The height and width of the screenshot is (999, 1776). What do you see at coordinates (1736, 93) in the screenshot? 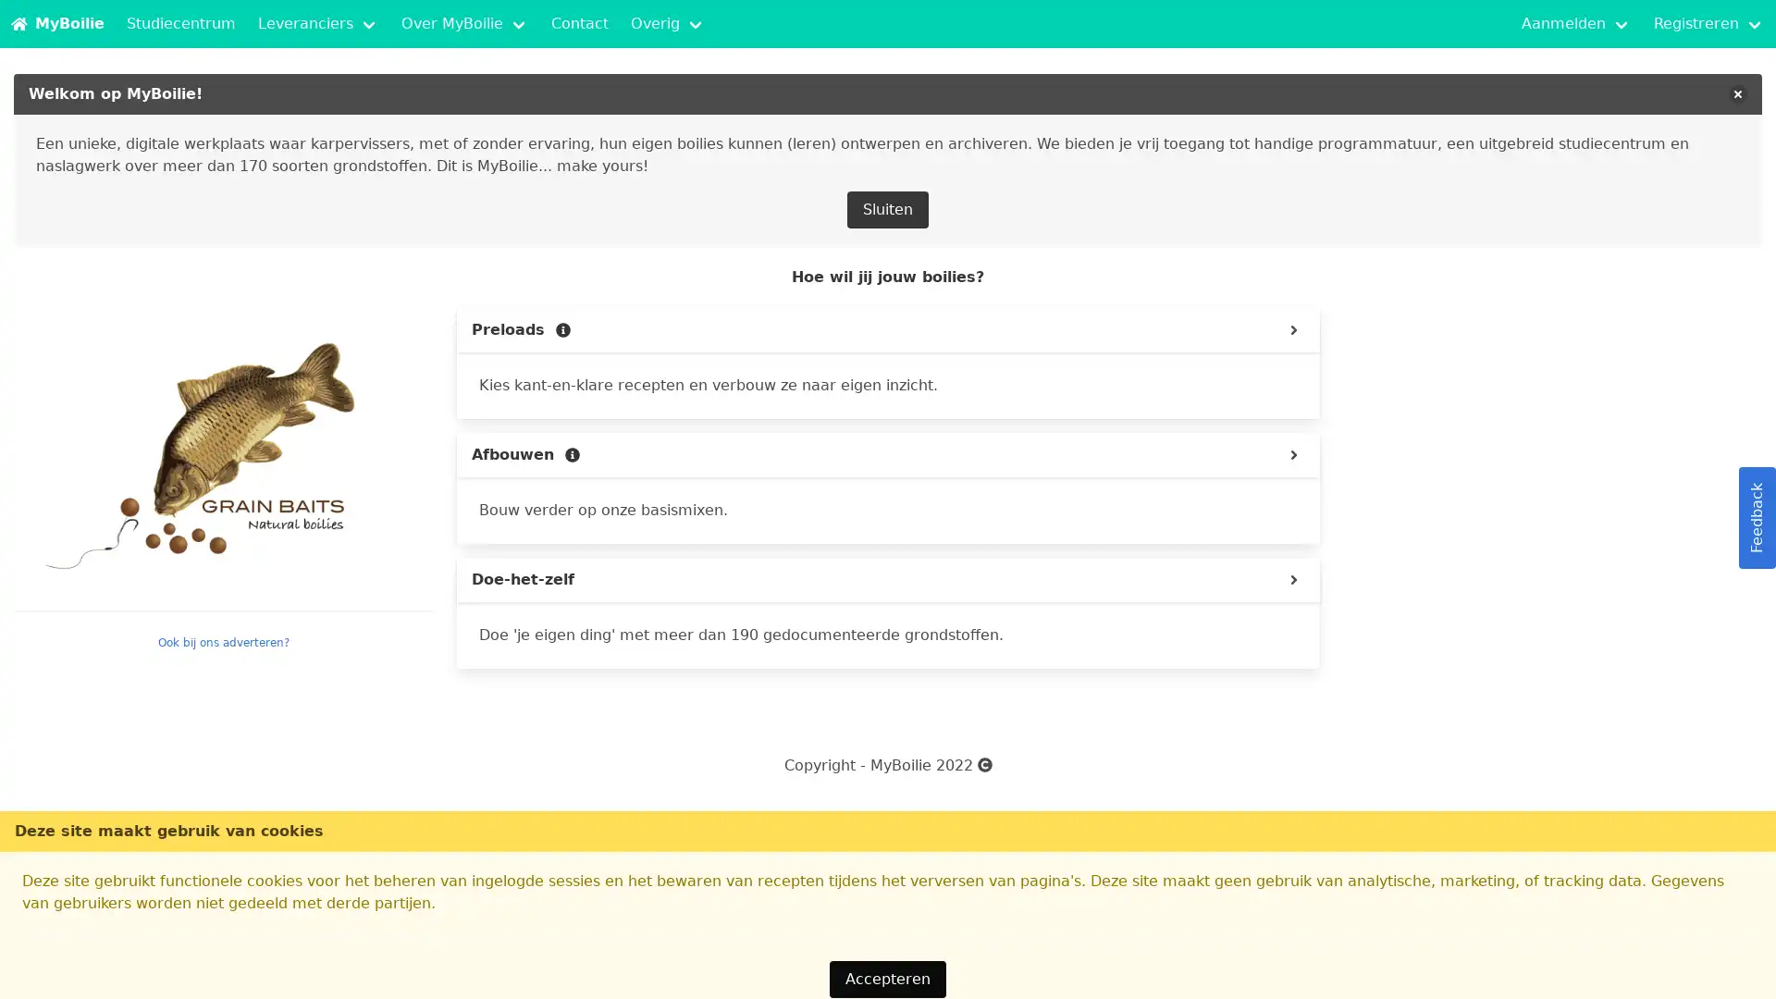
I see `delete` at bounding box center [1736, 93].